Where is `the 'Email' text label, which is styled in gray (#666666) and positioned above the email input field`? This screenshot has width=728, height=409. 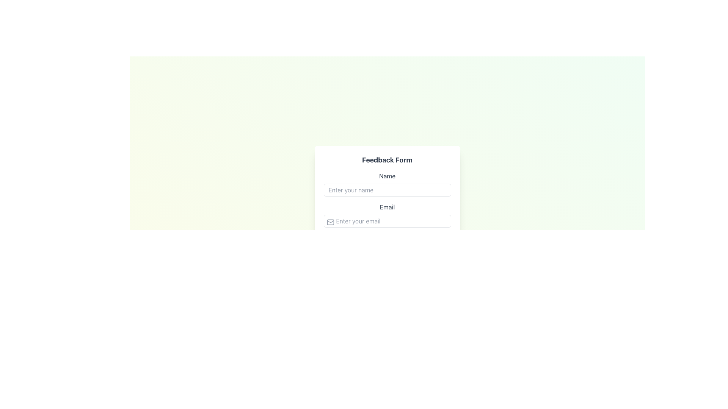
the 'Email' text label, which is styled in gray (#666666) and positioned above the email input field is located at coordinates (387, 207).